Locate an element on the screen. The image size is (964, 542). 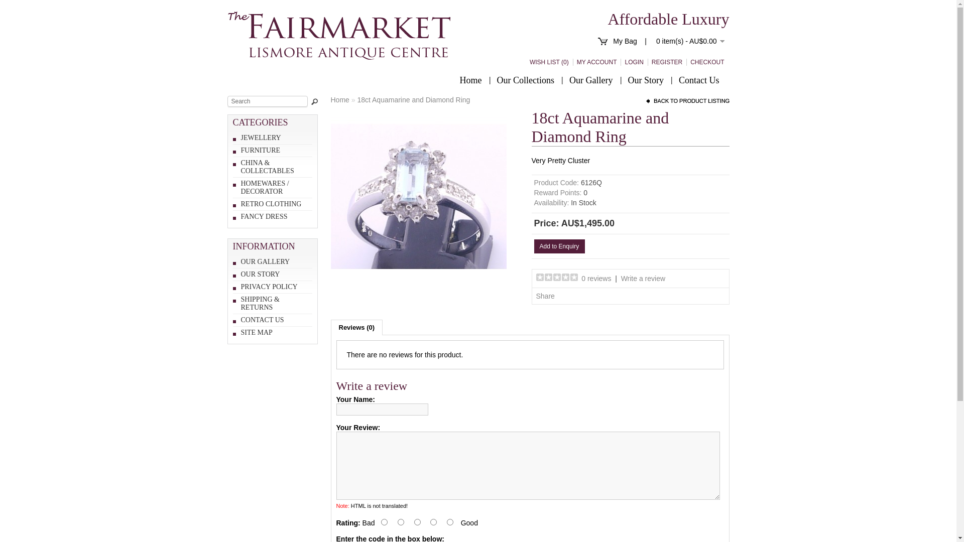
'OUR STORY' is located at coordinates (241, 274).